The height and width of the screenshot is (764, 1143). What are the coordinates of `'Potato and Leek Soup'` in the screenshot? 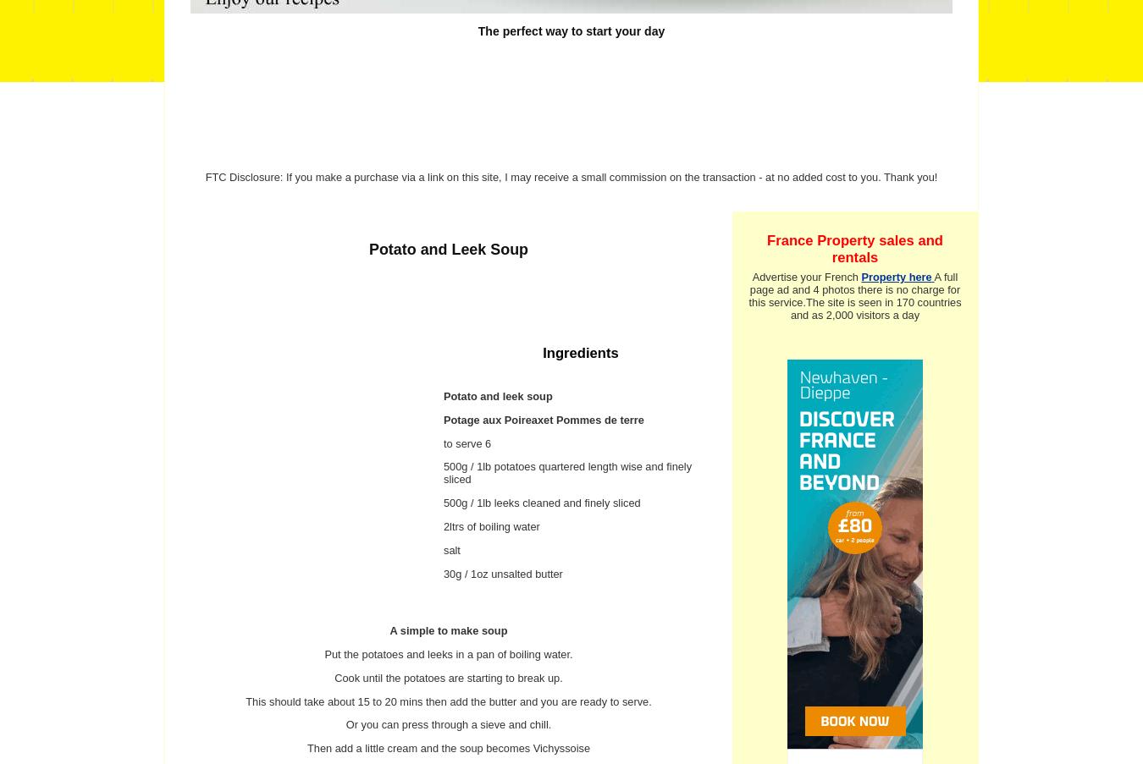 It's located at (447, 249).